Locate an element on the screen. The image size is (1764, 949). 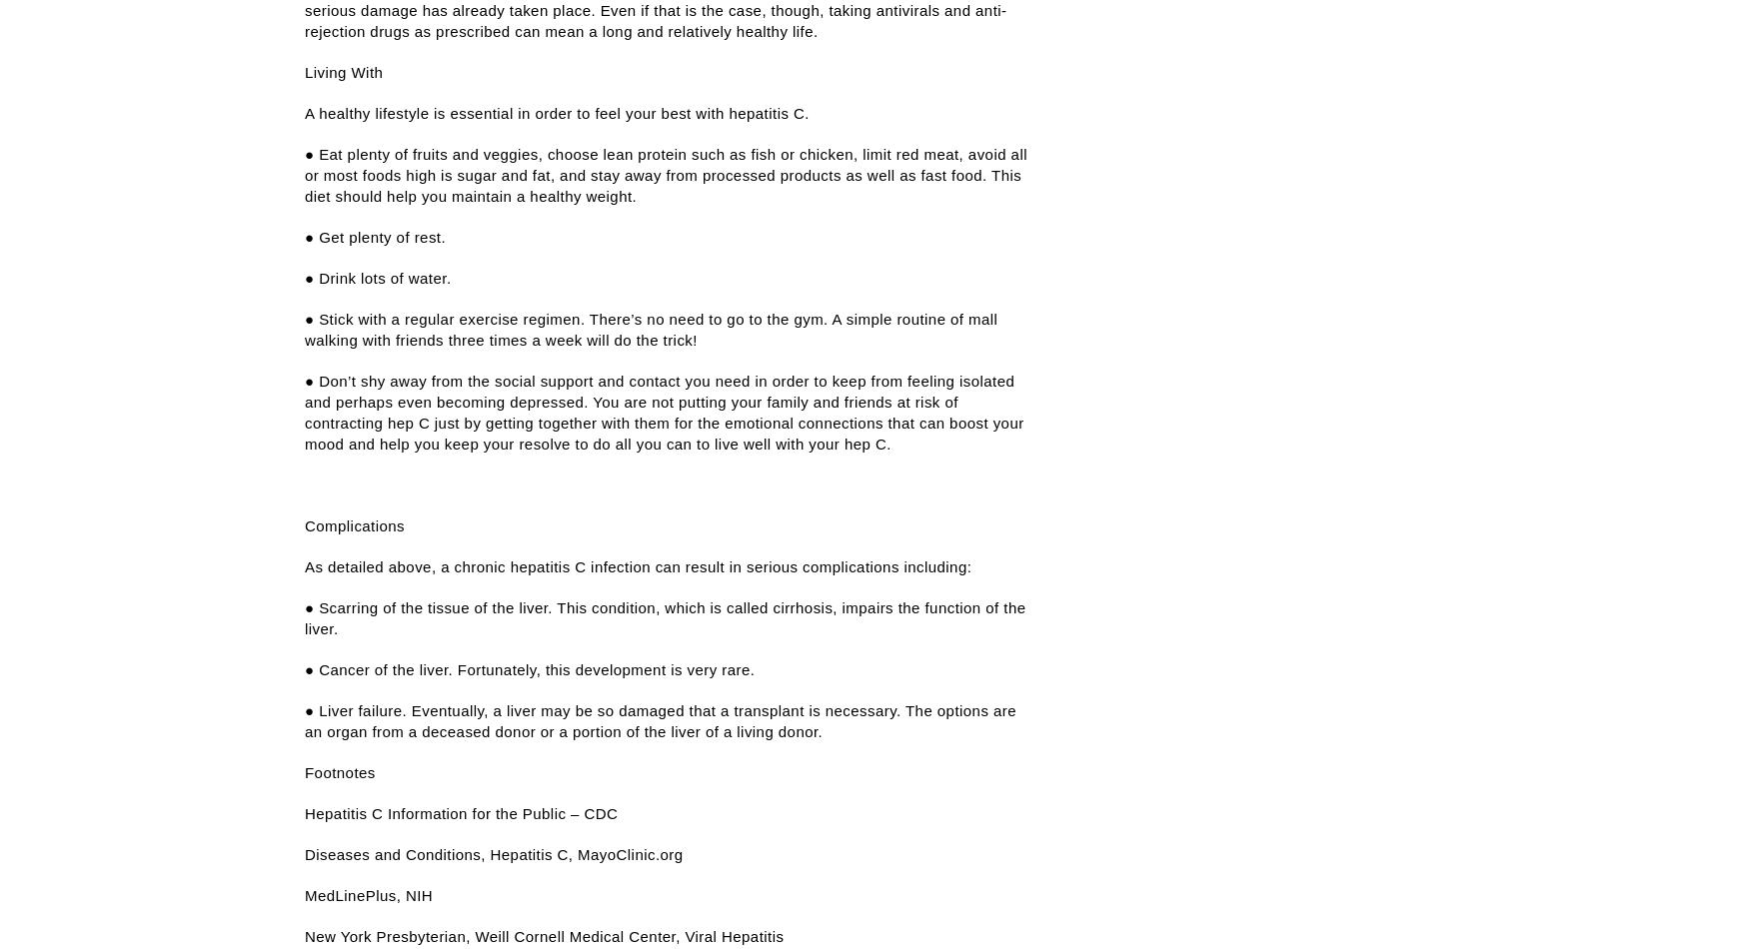
'New York Presbyterian, Weill Cornell Medical Center, Viral Hepatitis' is located at coordinates (543, 935).